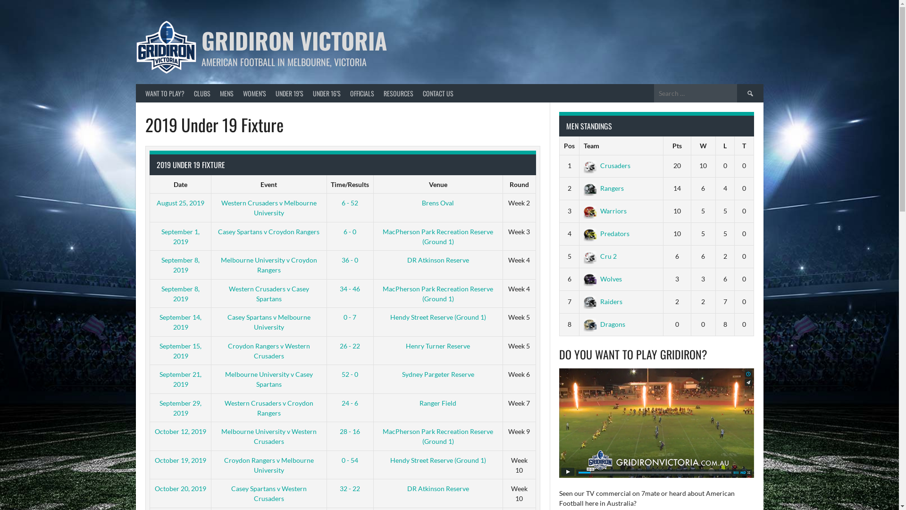 This screenshot has width=906, height=510. I want to click on 'OFFICIALS', so click(361, 93).